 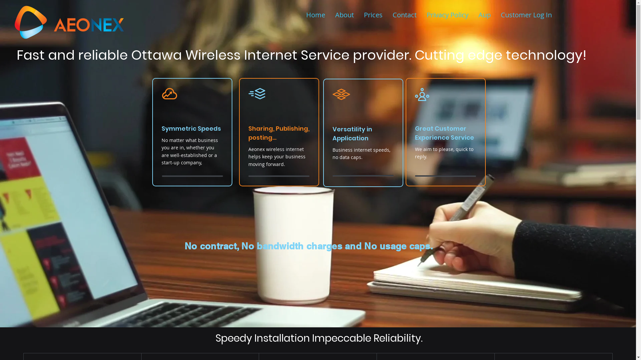 What do you see at coordinates (6, 21) in the screenshot?
I see `'aeonex2.png'` at bounding box center [6, 21].